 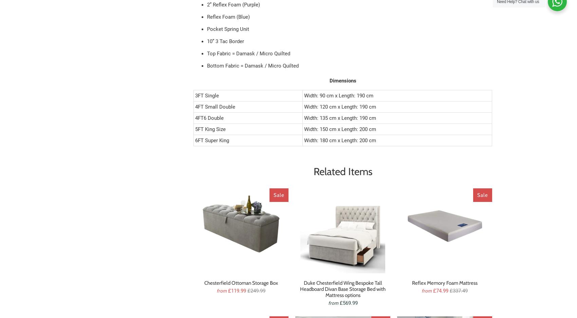 What do you see at coordinates (211, 140) in the screenshot?
I see `'6FT Super King'` at bounding box center [211, 140].